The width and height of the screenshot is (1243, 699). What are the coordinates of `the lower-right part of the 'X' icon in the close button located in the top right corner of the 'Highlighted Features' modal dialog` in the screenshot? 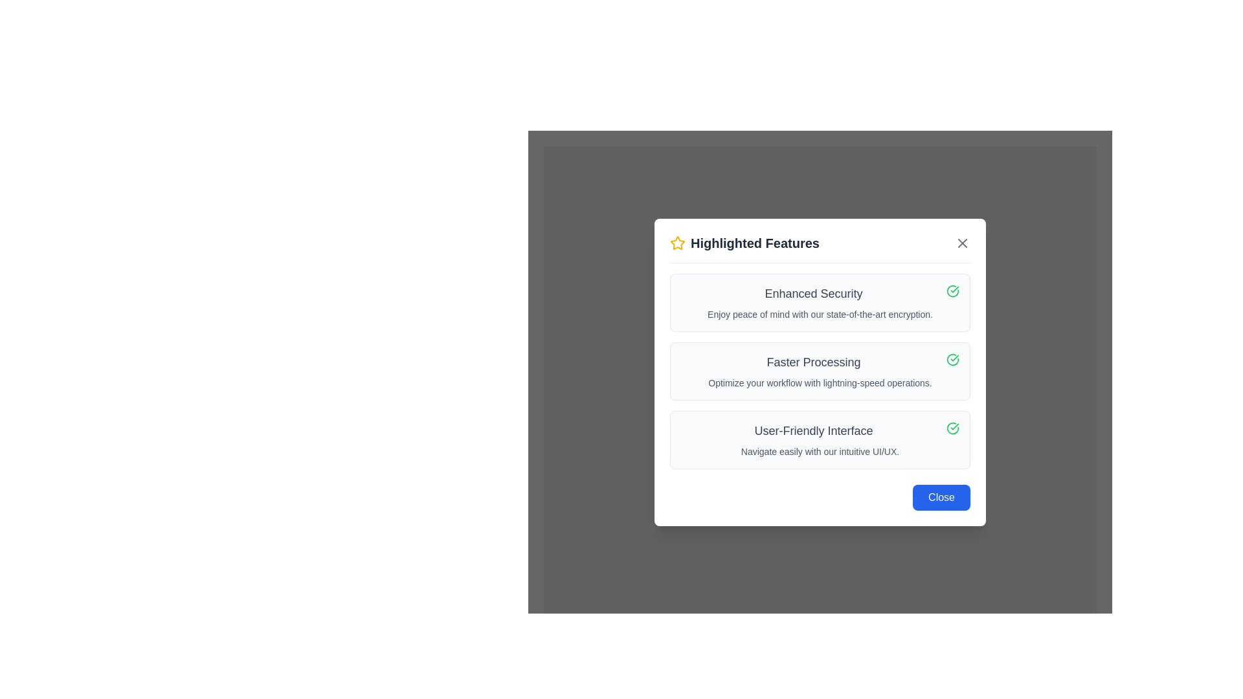 It's located at (963, 242).